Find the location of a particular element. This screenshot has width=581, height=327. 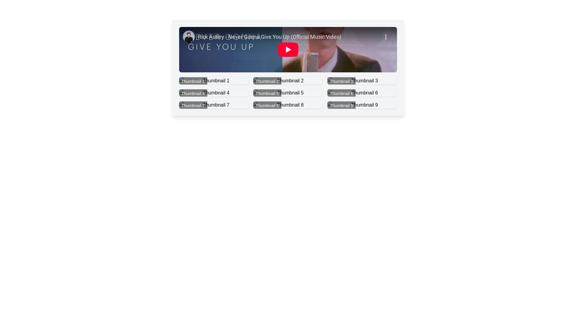

the interactive thumbnail preview labeled 'Thumbnail 4' located in the middle row, first column of the grid is located at coordinates (214, 93).